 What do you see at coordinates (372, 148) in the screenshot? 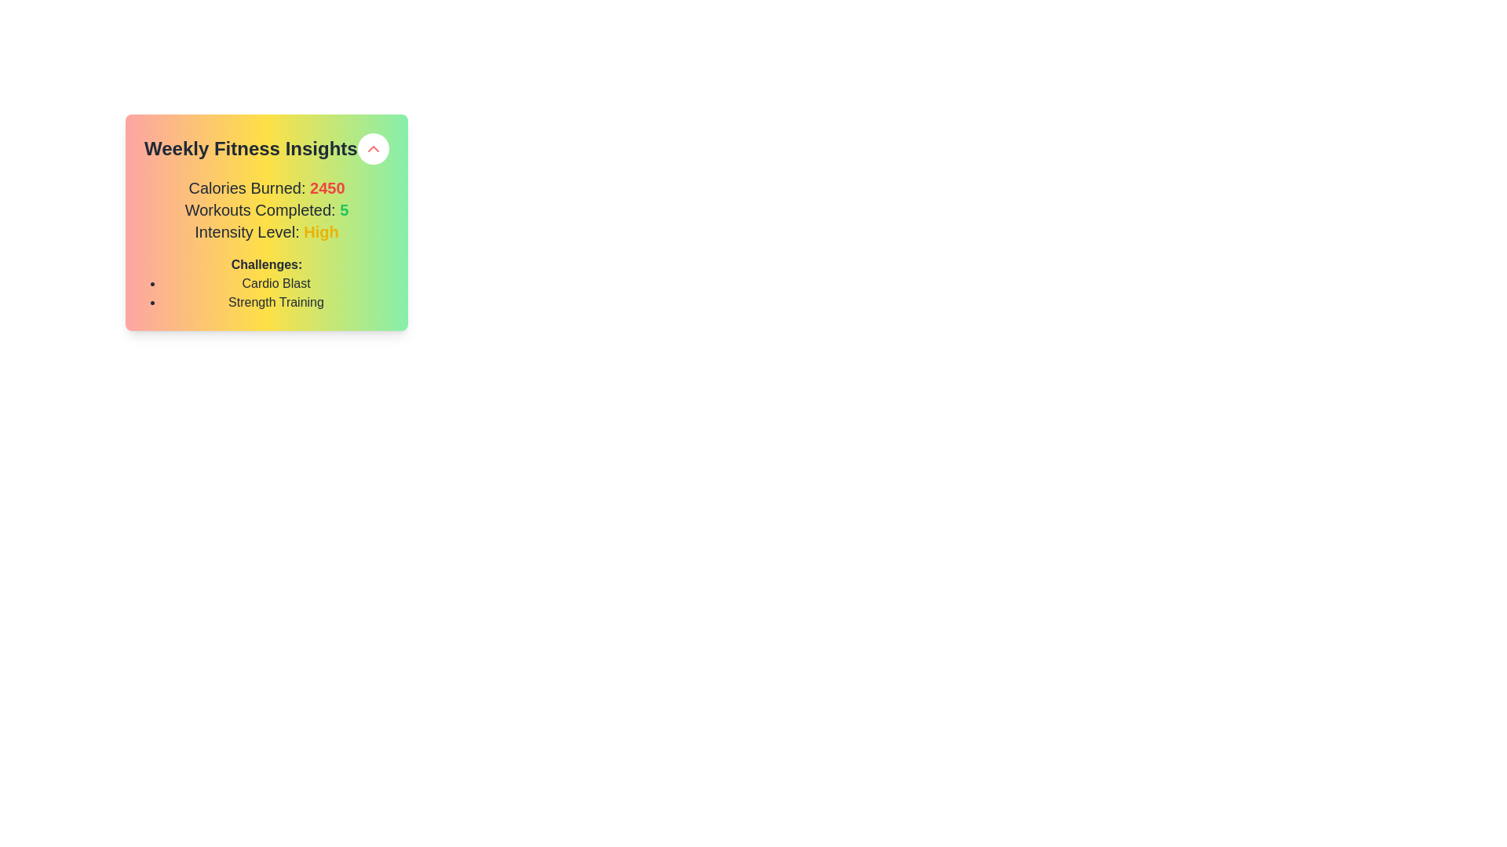
I see `the circular button with a white background and a red up arrow located at the top-right corner of the 'Weekly Fitness Insights' card` at bounding box center [372, 148].